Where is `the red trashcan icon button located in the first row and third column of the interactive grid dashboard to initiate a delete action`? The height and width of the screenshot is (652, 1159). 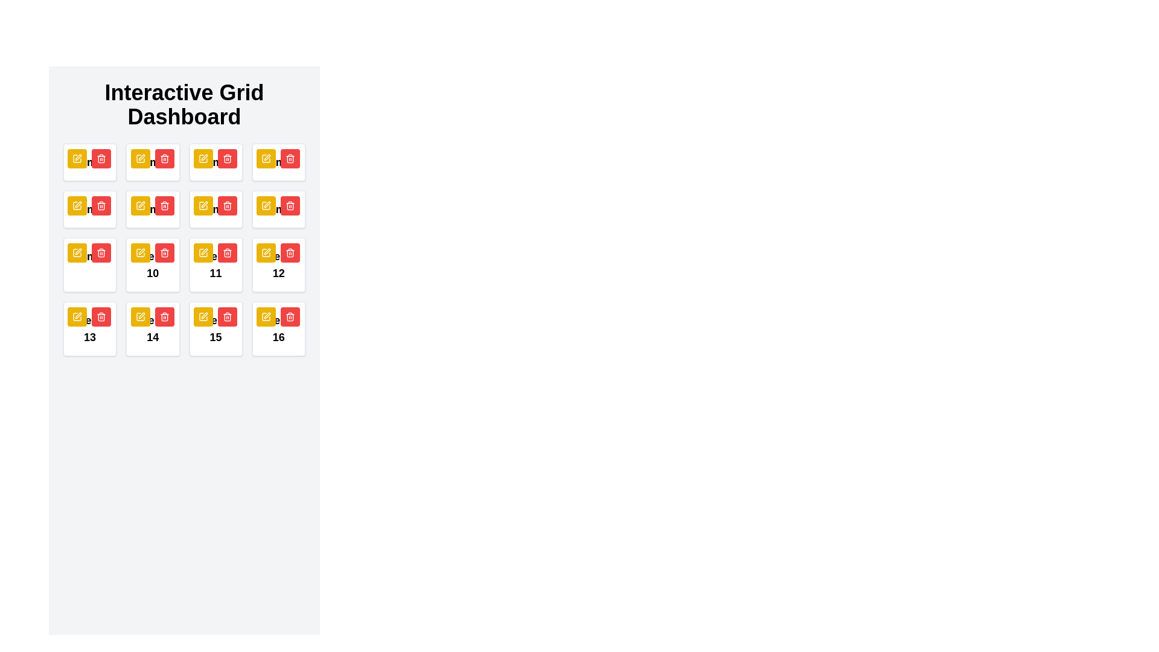 the red trashcan icon button located in the first row and third column of the interactive grid dashboard to initiate a delete action is located at coordinates (164, 158).